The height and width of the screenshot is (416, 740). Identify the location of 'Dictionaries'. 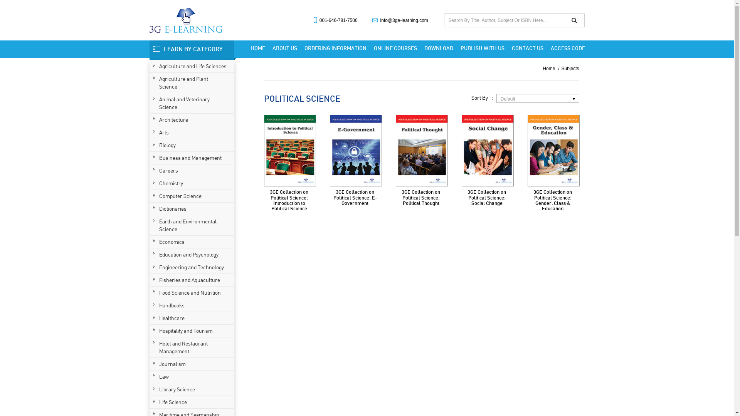
(192, 209).